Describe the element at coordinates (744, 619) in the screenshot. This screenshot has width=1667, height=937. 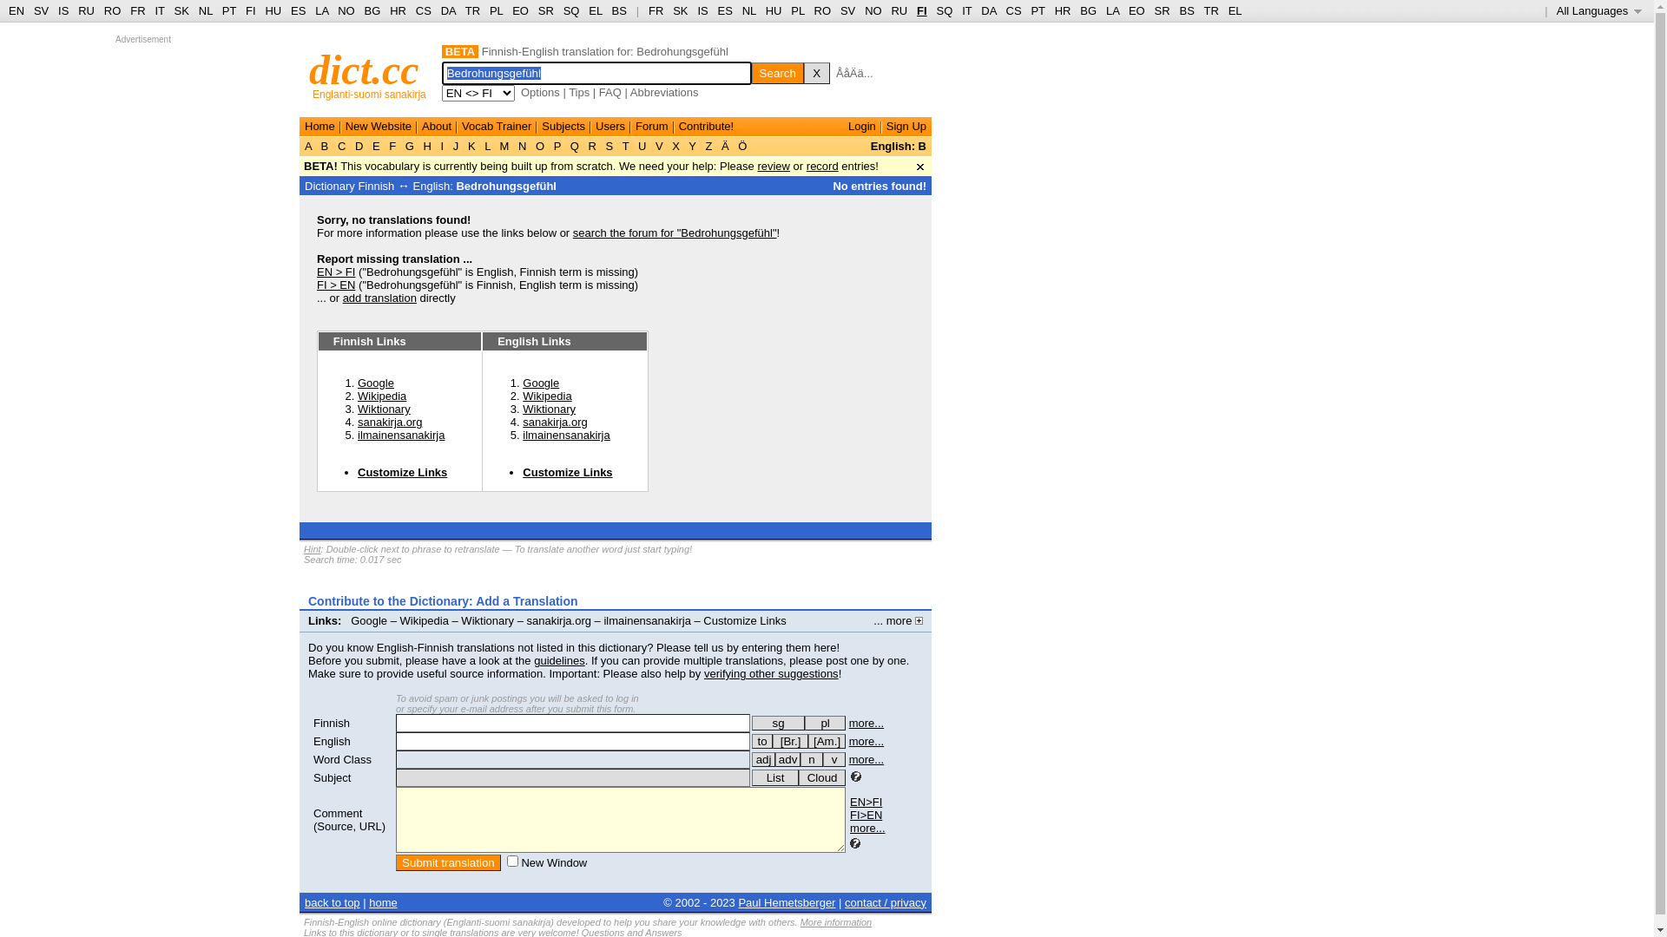
I see `'Customize Links'` at that location.